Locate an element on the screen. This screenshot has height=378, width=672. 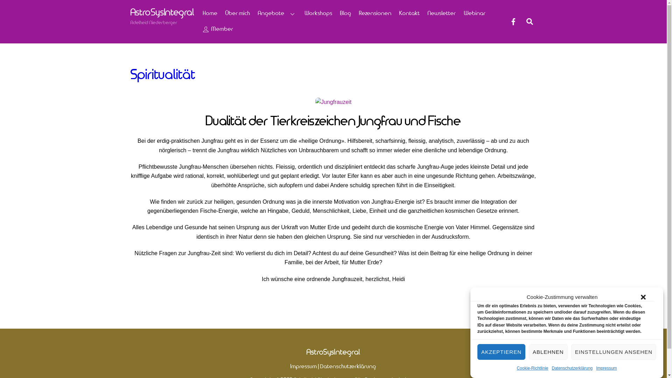
'Rezensionen' is located at coordinates (374, 13).